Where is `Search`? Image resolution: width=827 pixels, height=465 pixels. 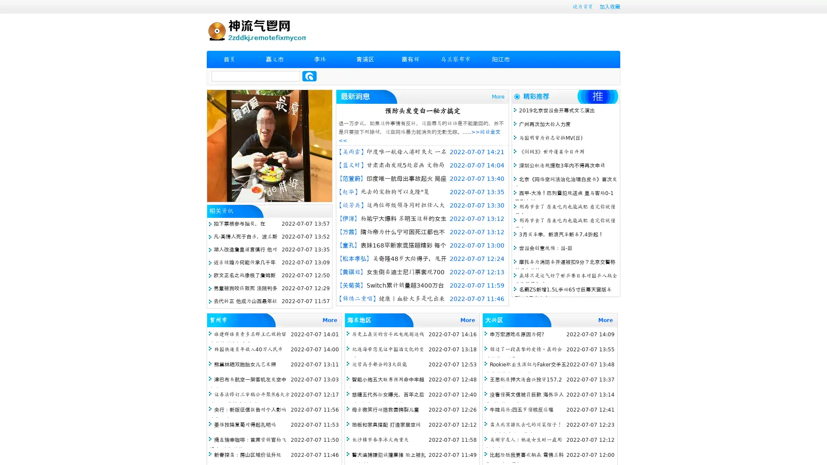 Search is located at coordinates (309, 76).